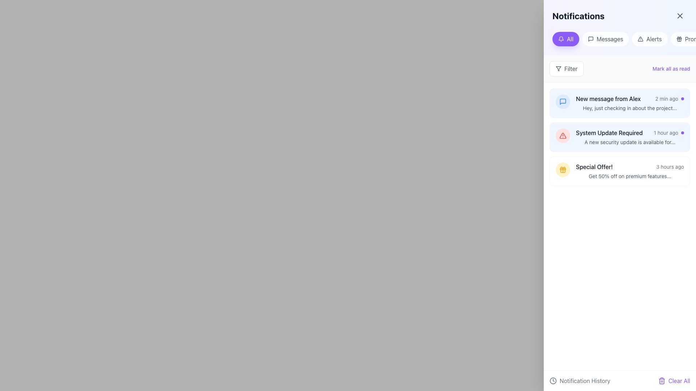 The image size is (696, 391). What do you see at coordinates (561, 39) in the screenshot?
I see `the bell-shaped notification icon located at the leftmost position of the 'All' button in the top-left region of the interface` at bounding box center [561, 39].